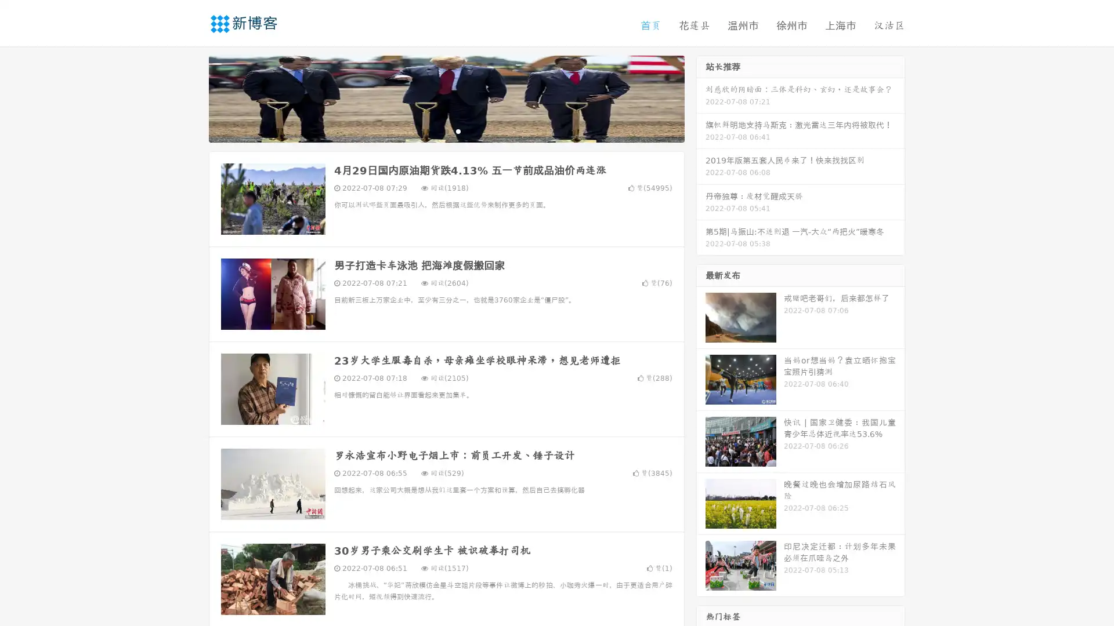 Image resolution: width=1114 pixels, height=626 pixels. What do you see at coordinates (458, 130) in the screenshot?
I see `Go to slide 3` at bounding box center [458, 130].